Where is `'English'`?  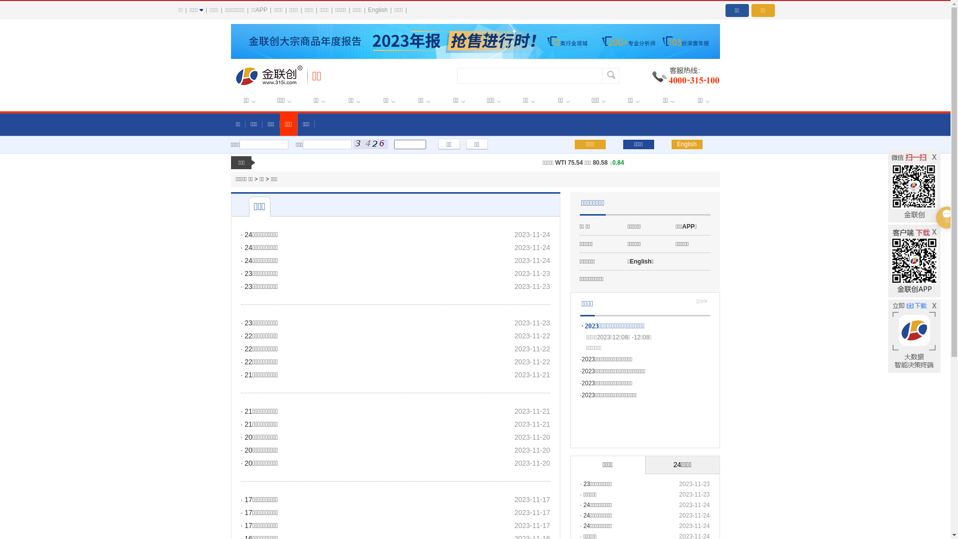
'English' is located at coordinates (377, 9).